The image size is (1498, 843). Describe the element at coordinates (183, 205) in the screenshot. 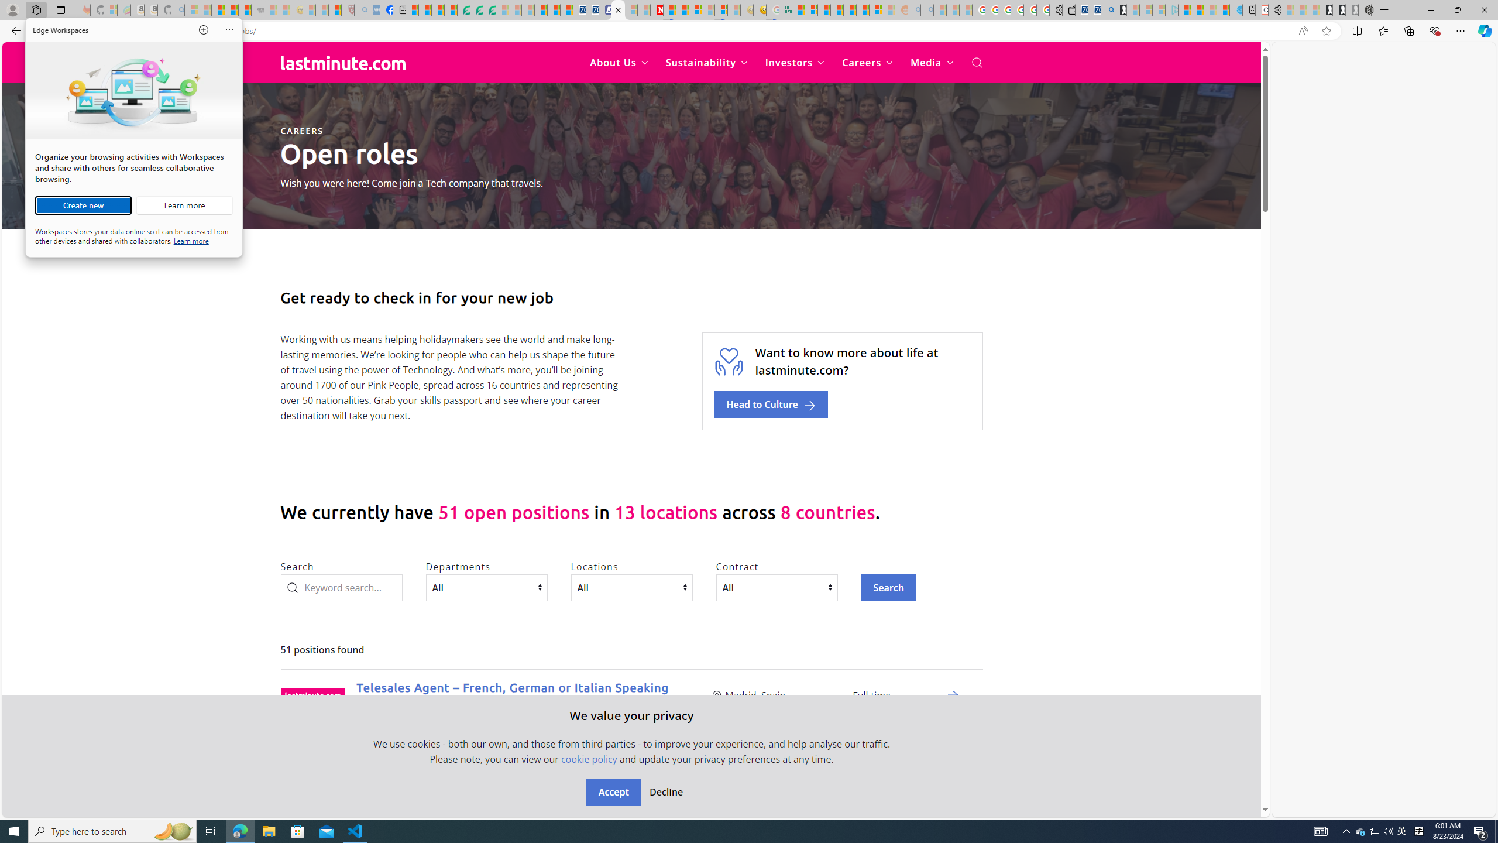

I see `'Learn more about Workspaces'` at that location.